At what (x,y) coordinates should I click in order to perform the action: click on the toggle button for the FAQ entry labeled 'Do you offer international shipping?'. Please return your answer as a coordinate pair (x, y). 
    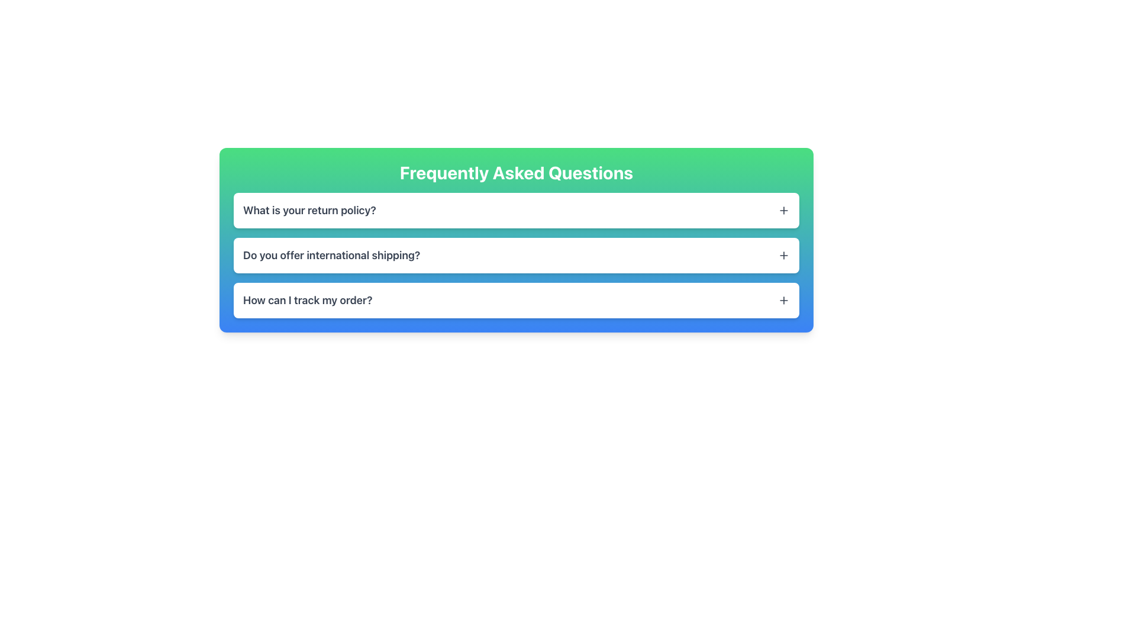
    Looking at the image, I should click on (783, 255).